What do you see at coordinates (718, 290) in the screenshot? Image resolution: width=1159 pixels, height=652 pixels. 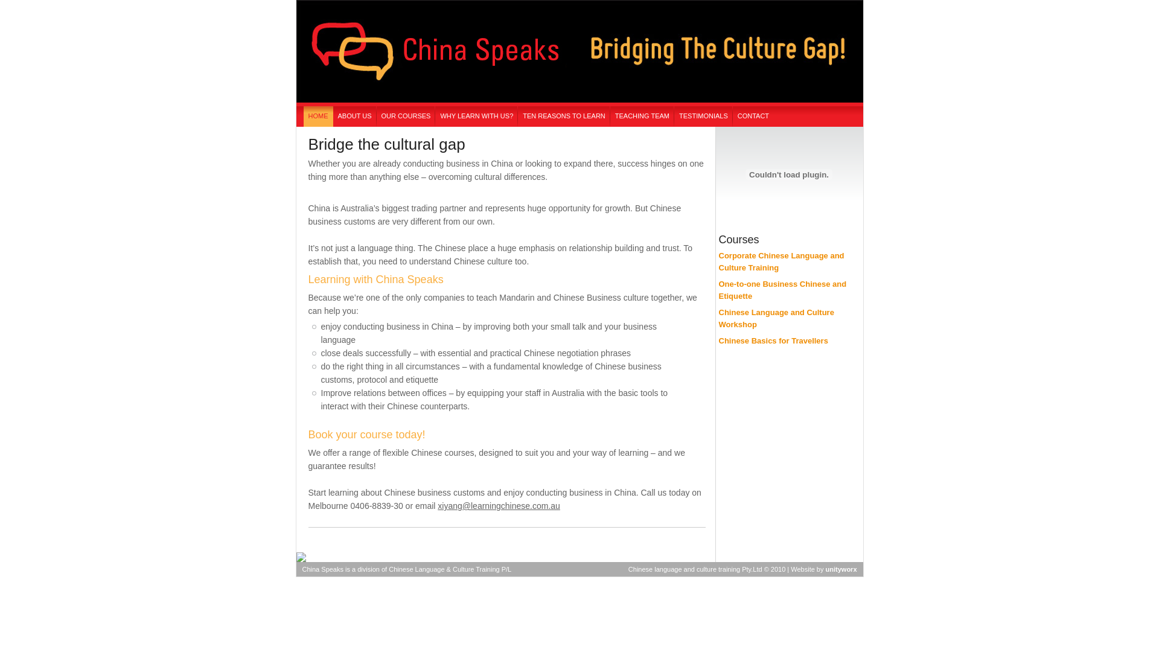 I see `'One-to-one Business Chinese and Etiquette'` at bounding box center [718, 290].